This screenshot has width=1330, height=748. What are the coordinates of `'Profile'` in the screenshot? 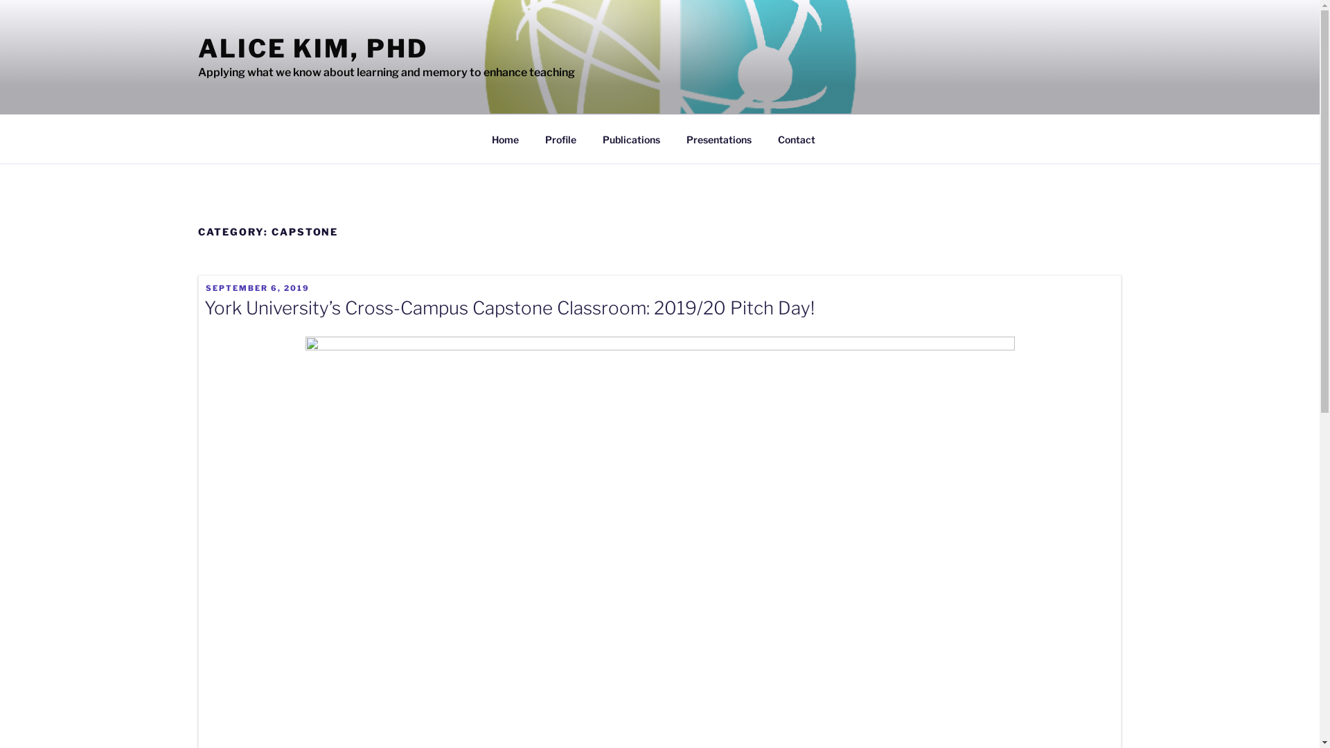 It's located at (561, 139).